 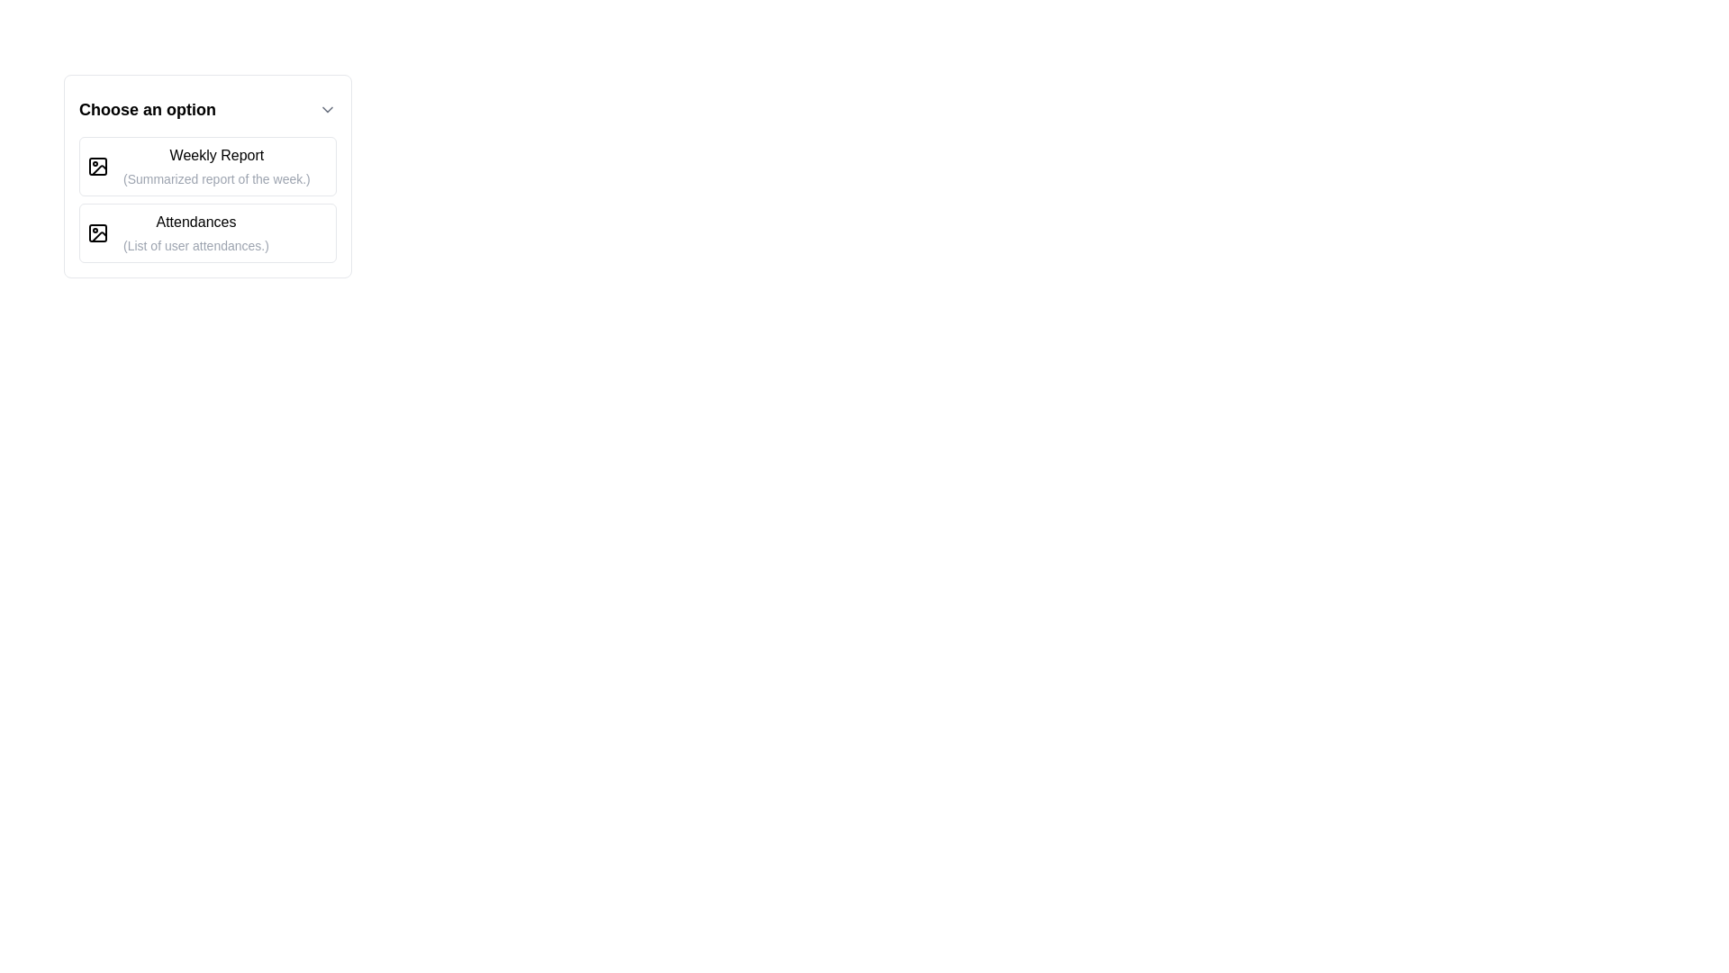 What do you see at coordinates (97, 167) in the screenshot?
I see `the rectangular base of the image icon located near the top-left corner of the 'Weekly Report' icon` at bounding box center [97, 167].